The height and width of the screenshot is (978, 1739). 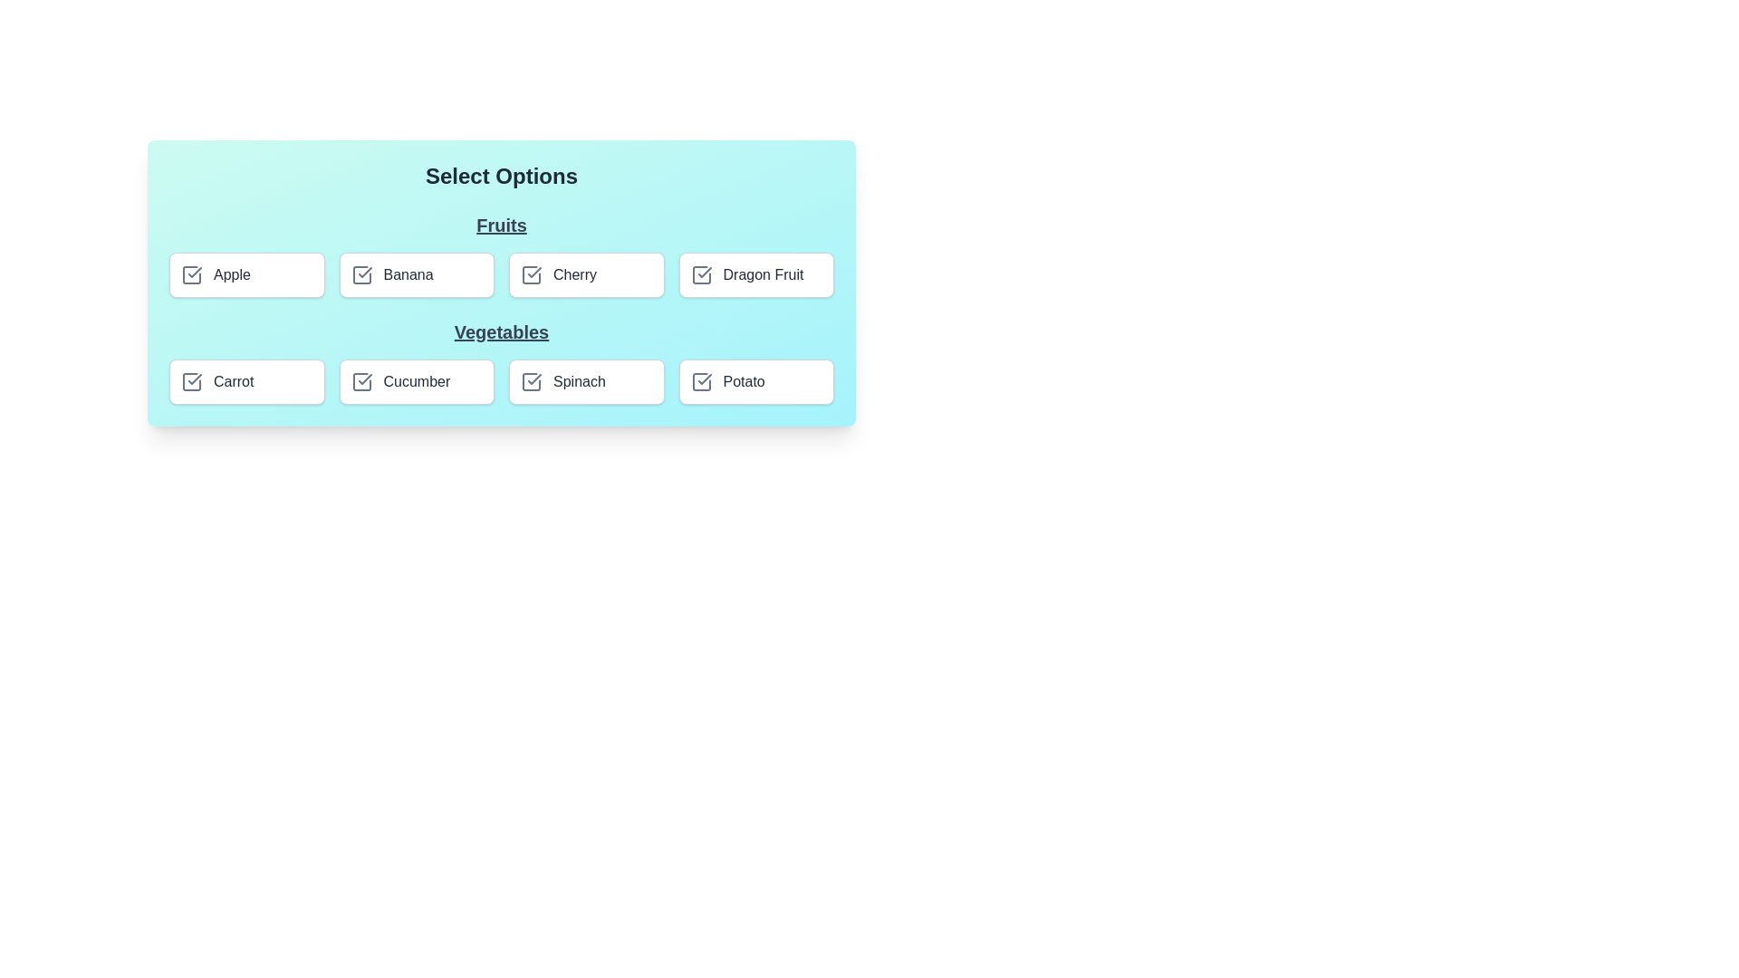 What do you see at coordinates (361, 275) in the screenshot?
I see `the checkmark within the checkbox in the 'Fruits' section, which is the second option in the horizontal row below the title` at bounding box center [361, 275].